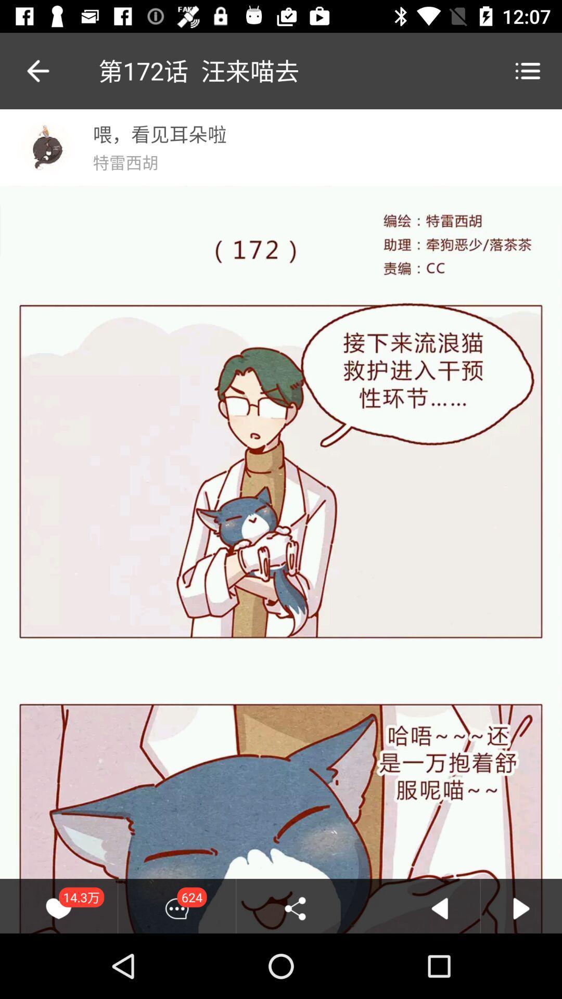 This screenshot has width=562, height=999. I want to click on the list icon, so click(528, 70).